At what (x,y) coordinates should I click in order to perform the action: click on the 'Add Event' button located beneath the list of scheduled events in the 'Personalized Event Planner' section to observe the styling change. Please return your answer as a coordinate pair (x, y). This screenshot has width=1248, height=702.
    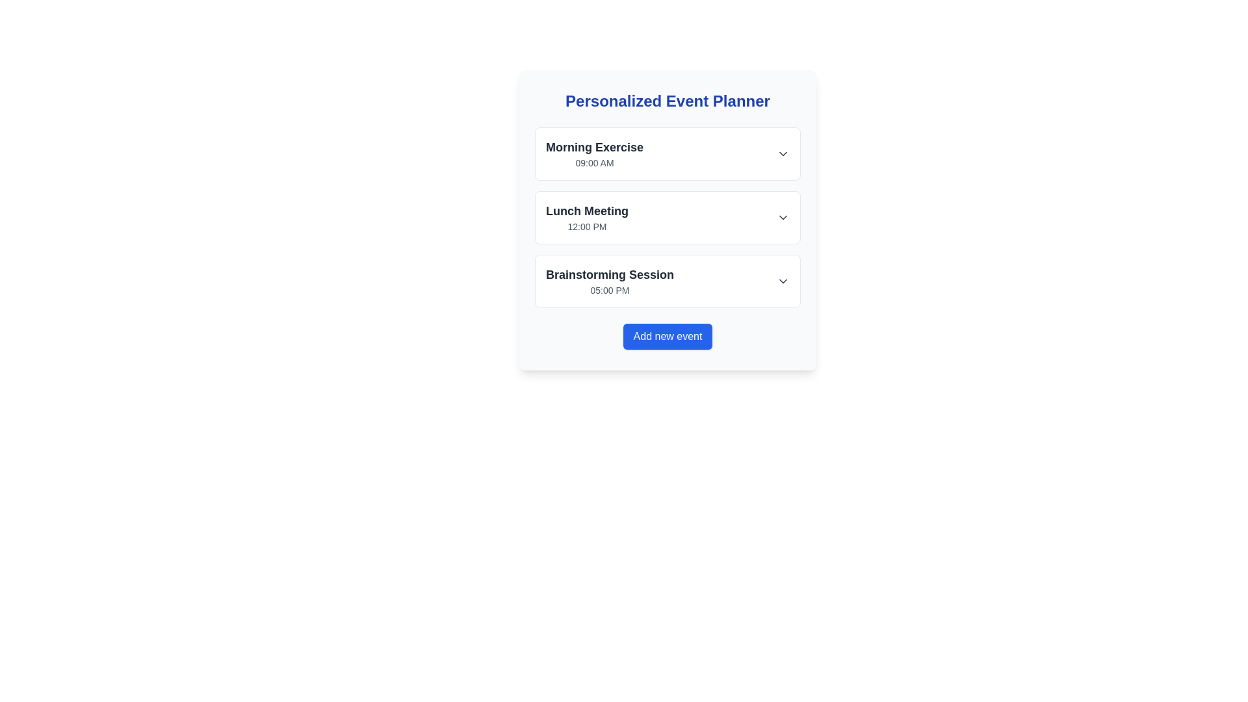
    Looking at the image, I should click on (668, 335).